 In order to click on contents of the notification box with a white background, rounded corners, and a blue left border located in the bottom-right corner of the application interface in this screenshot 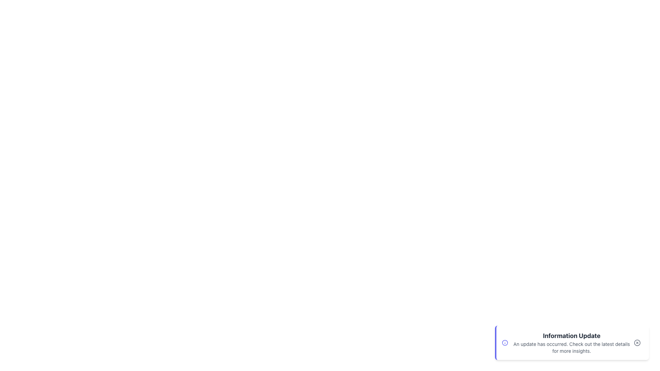, I will do `click(572, 343)`.